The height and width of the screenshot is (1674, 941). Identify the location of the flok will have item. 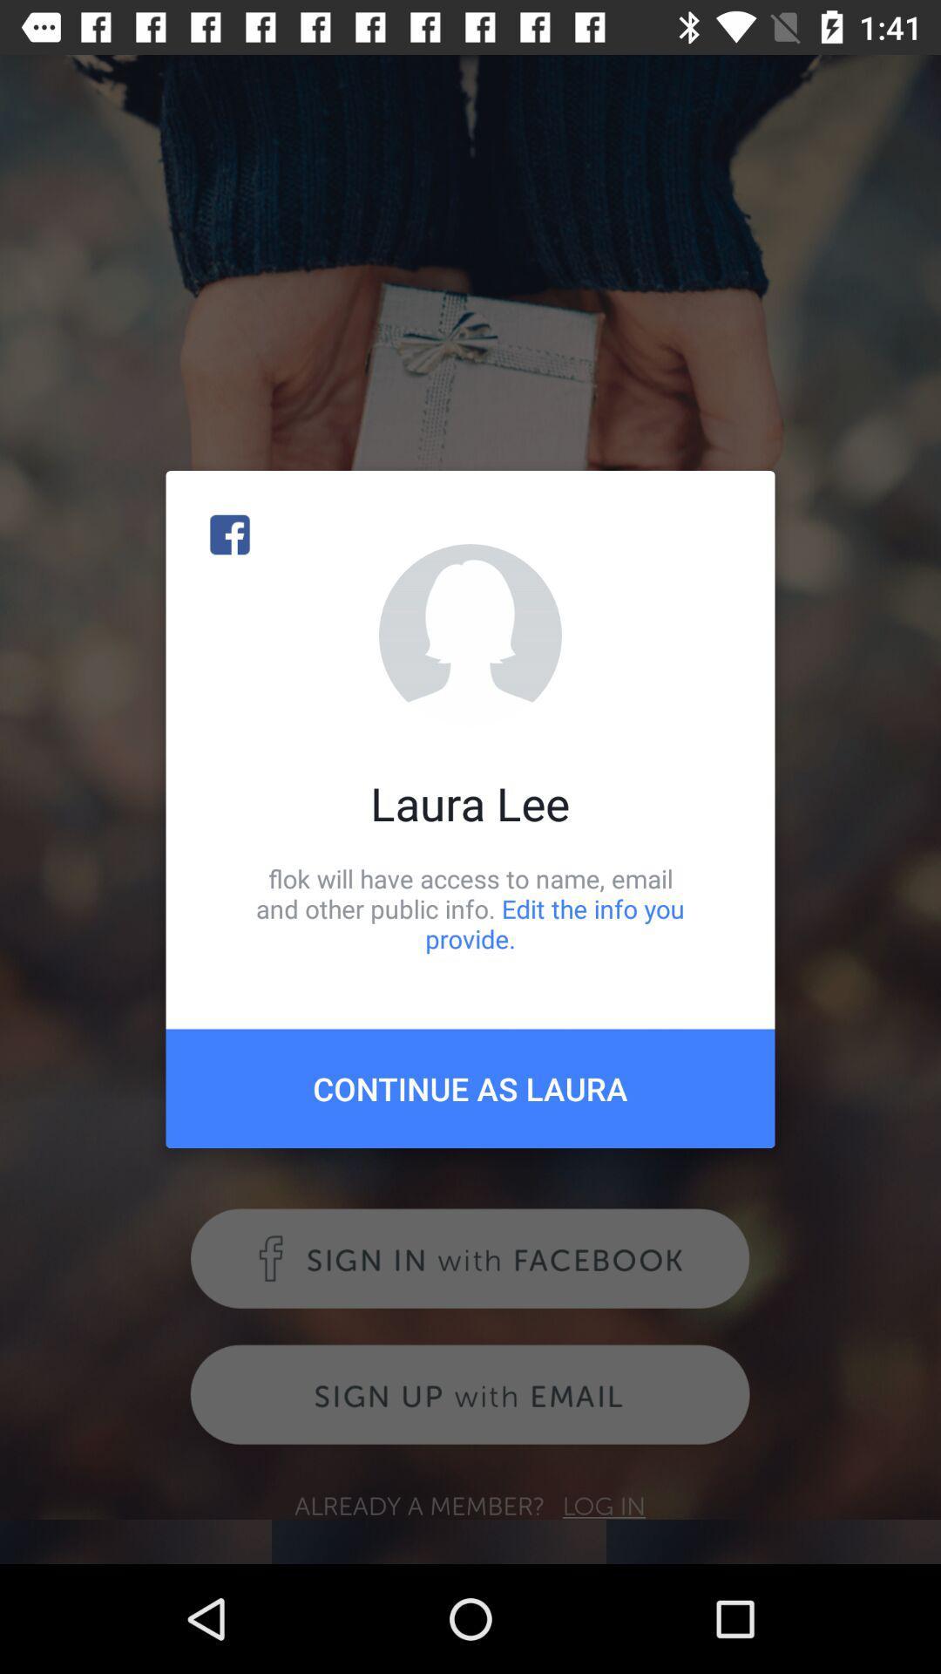
(470, 908).